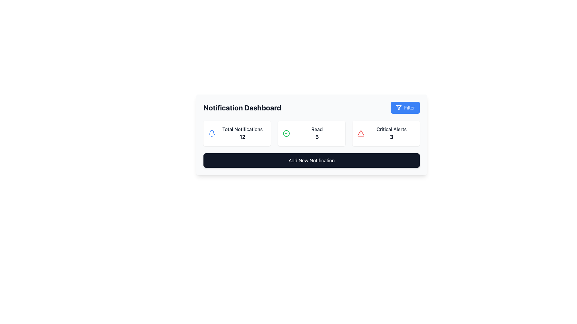 This screenshot has width=577, height=324. I want to click on the blue-colored funnel-shaped filter icon embedded within the 'Filter' button located in the top-right corner of the notification dashboard, so click(398, 107).